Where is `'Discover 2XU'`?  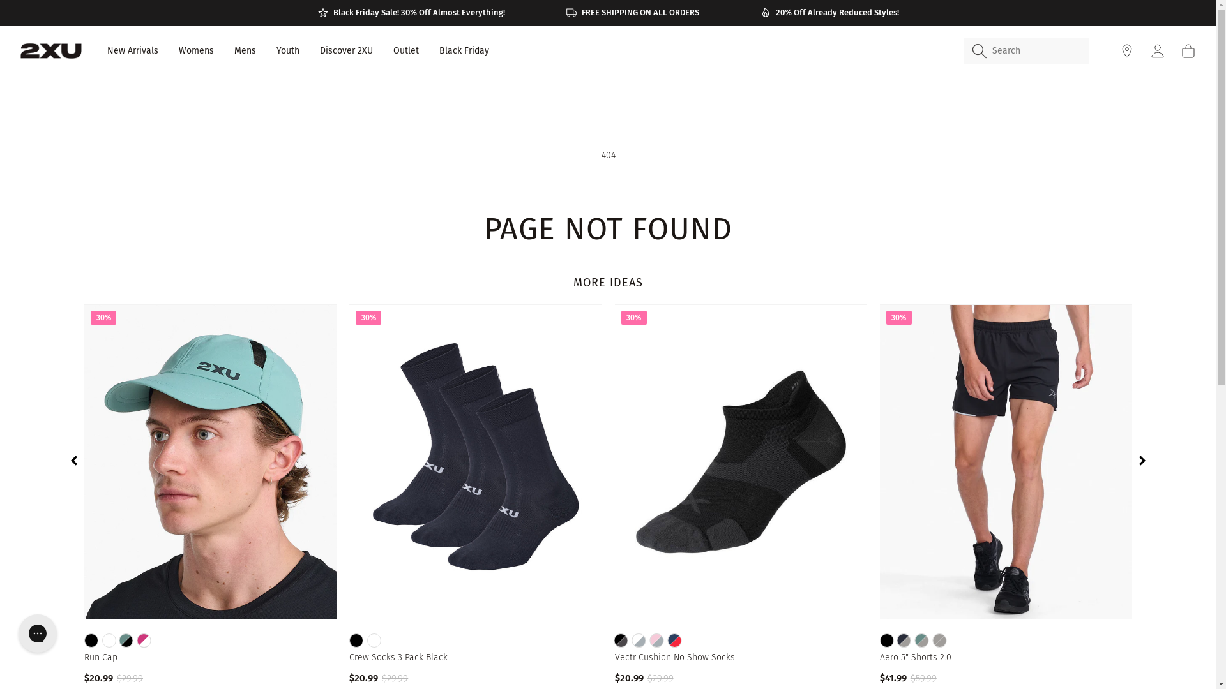 'Discover 2XU' is located at coordinates (346, 50).